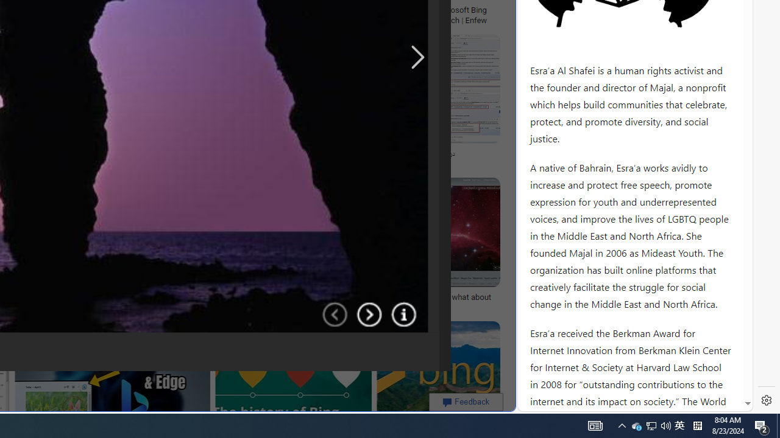  I want to click on 'Microsoft Bing Search | Enfew', so click(464, 15).